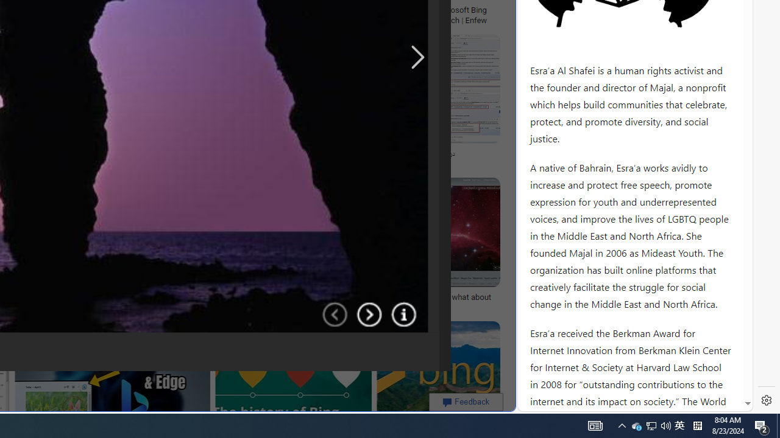  I want to click on 'Microsoft Bing Search | Enfew', so click(464, 15).